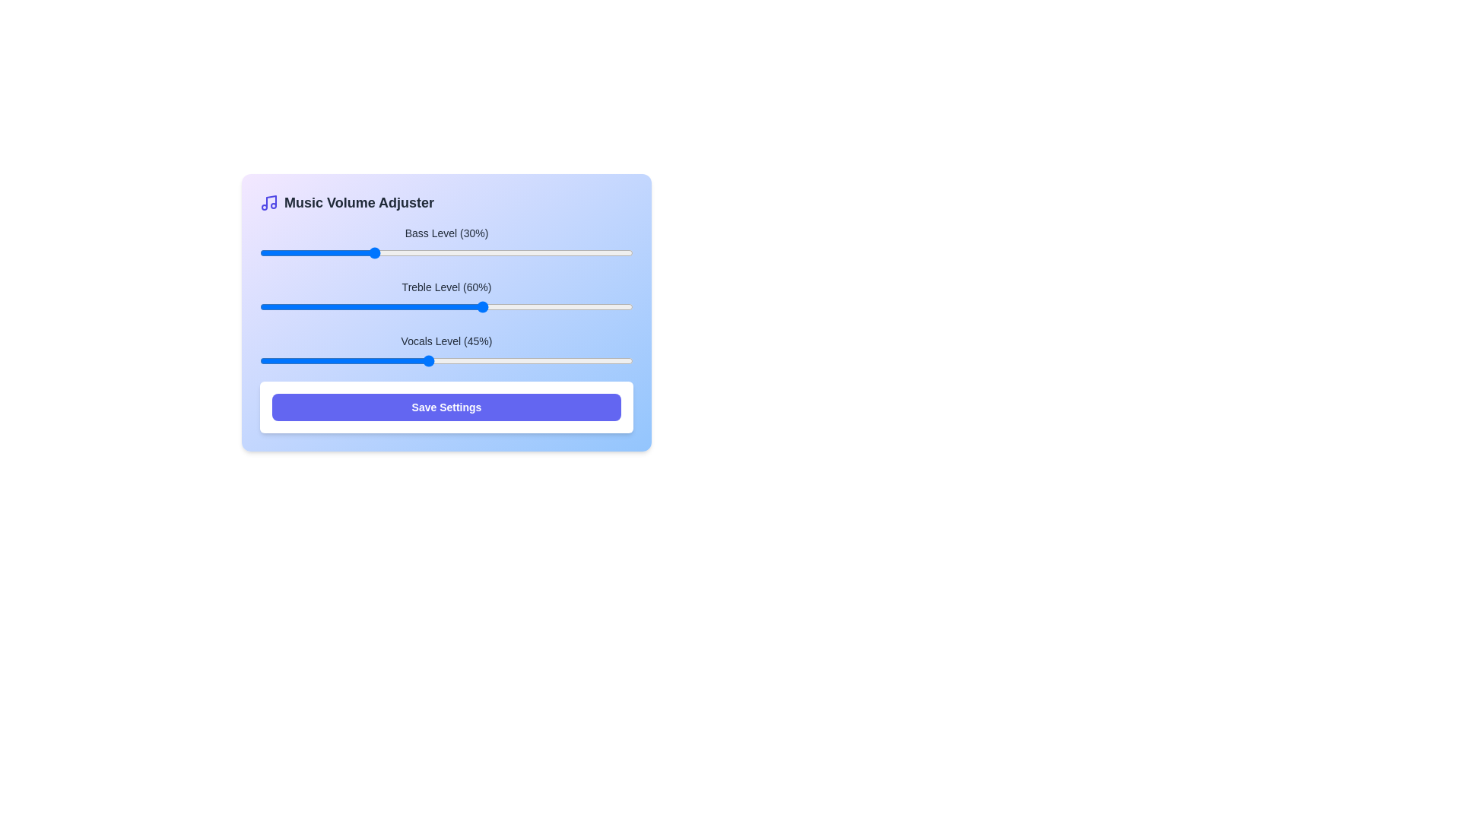  I want to click on the bass level, so click(294, 252).